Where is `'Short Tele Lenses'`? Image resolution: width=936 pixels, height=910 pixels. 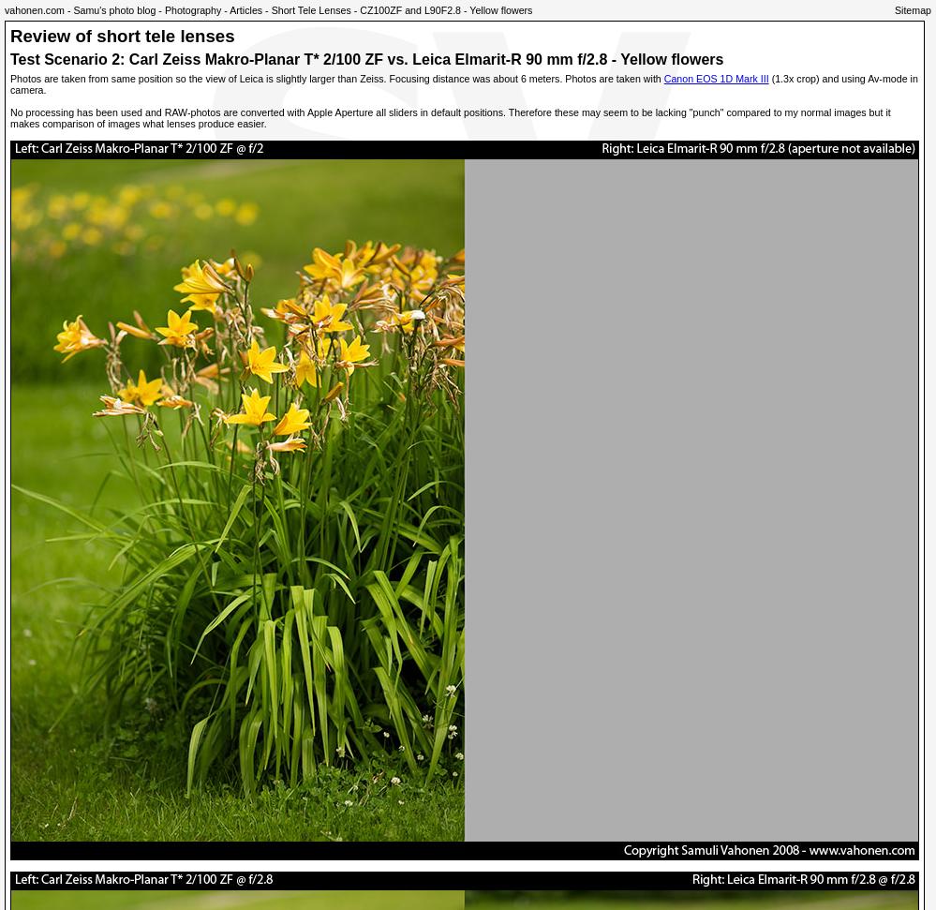 'Short Tele Lenses' is located at coordinates (309, 9).